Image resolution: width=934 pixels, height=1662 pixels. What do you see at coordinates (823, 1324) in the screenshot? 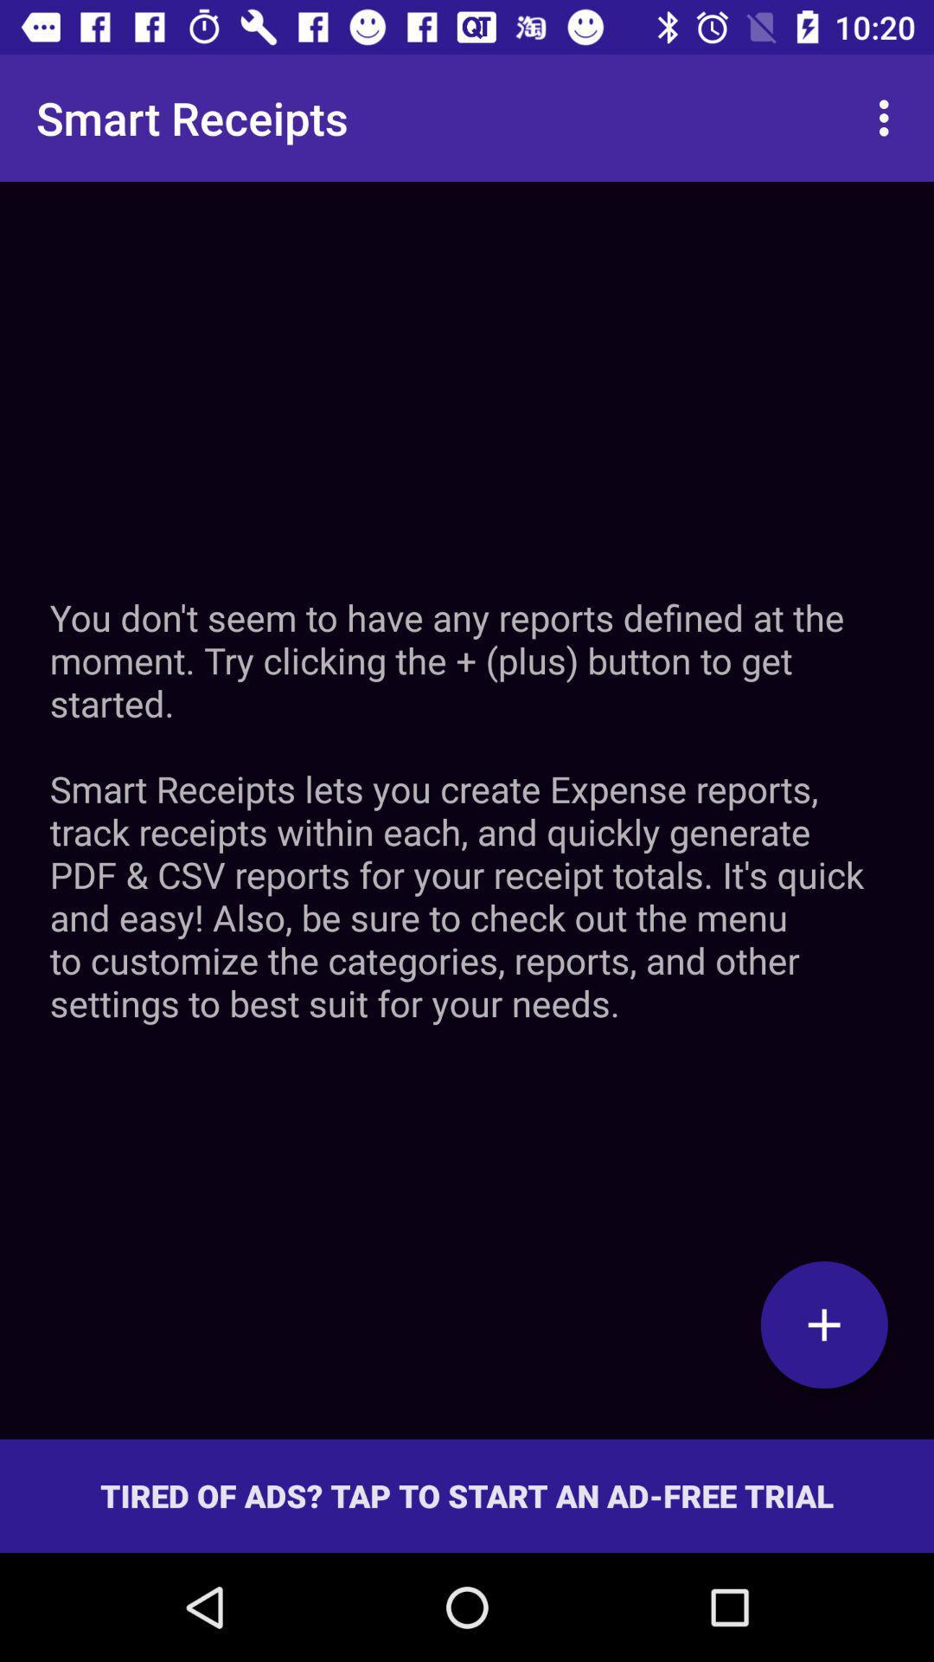
I see `add` at bounding box center [823, 1324].